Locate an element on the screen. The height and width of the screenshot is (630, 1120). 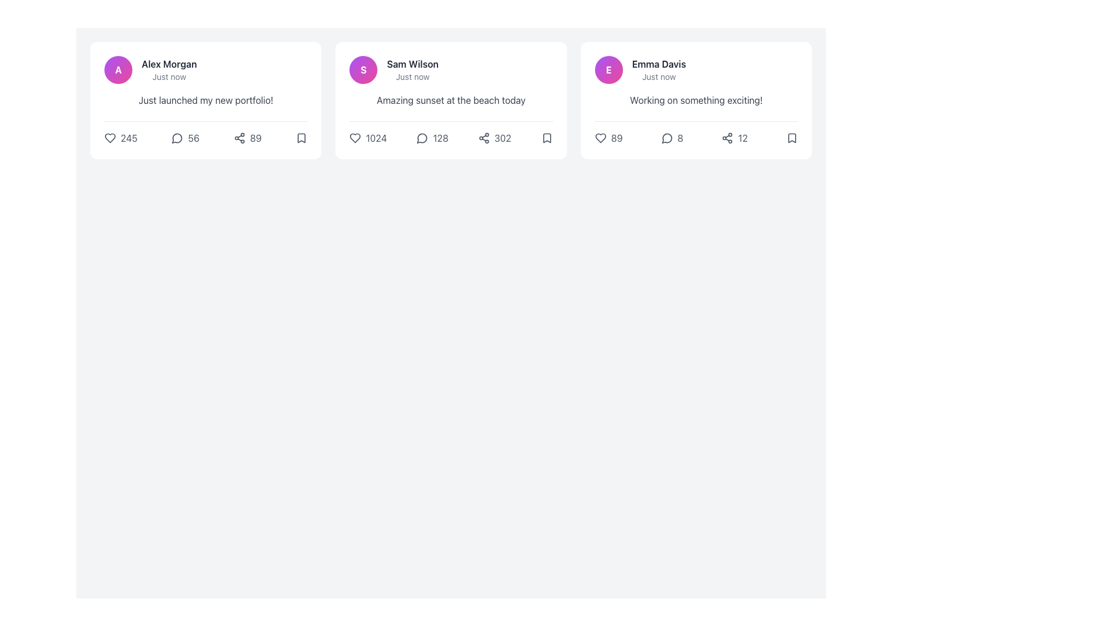
the icon represented by three connected circles forming a triangular structure, located below the post by 'Sam Wilson' and to the left of the number '302' is located at coordinates (484, 137).